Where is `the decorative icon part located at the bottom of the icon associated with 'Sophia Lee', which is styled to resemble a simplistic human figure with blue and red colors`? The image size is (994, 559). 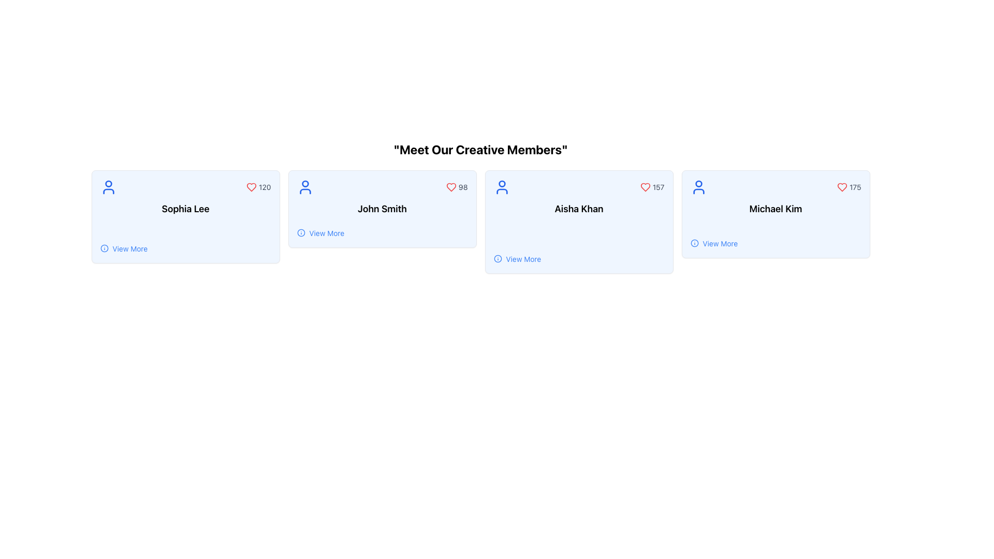 the decorative icon part located at the bottom of the icon associated with 'Sophia Lee', which is styled to resemble a simplistic human figure with blue and red colors is located at coordinates (108, 192).